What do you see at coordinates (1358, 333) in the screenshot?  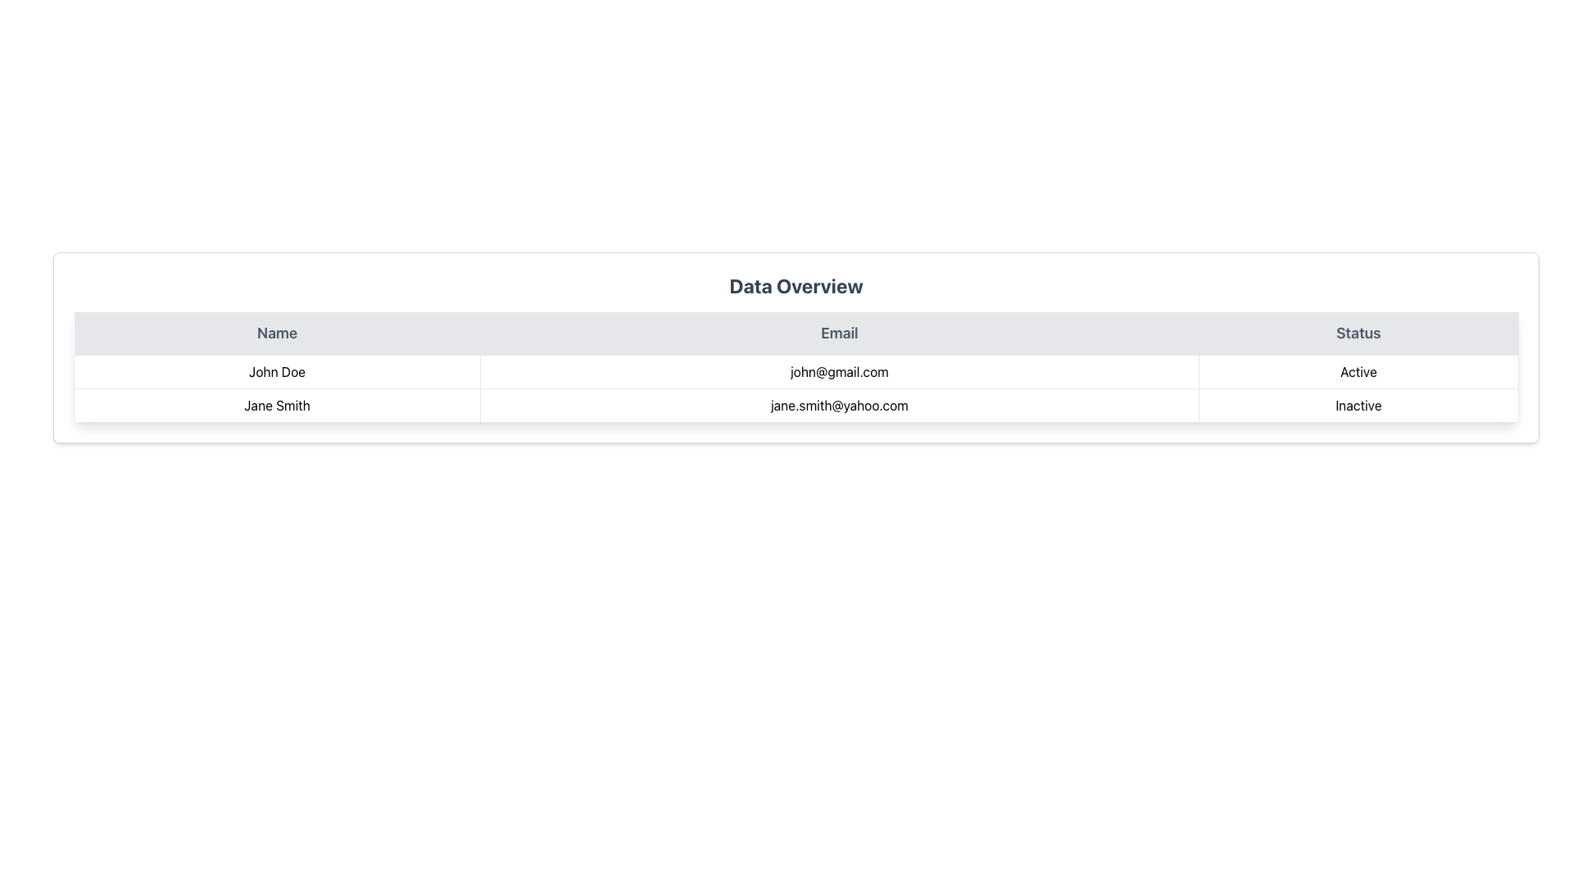 I see `the 'Status' column header, which is the third header in a row labeled 'Name', 'Email', and 'Status', located in the top-right portion of the table` at bounding box center [1358, 333].